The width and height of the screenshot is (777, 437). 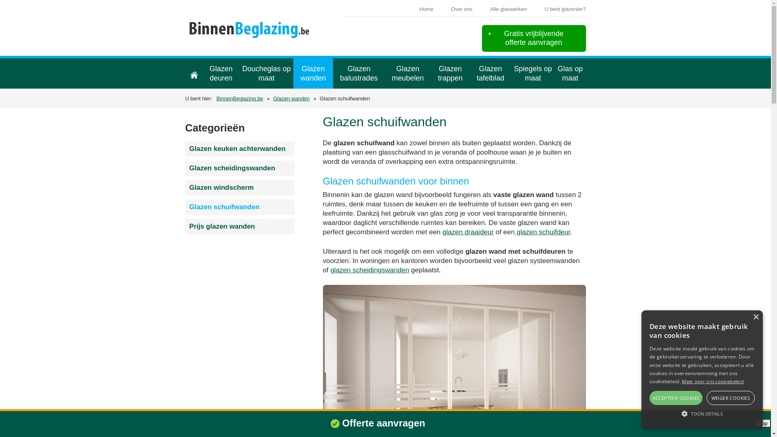 What do you see at coordinates (221, 73) in the screenshot?
I see `'Glazen deuren'` at bounding box center [221, 73].